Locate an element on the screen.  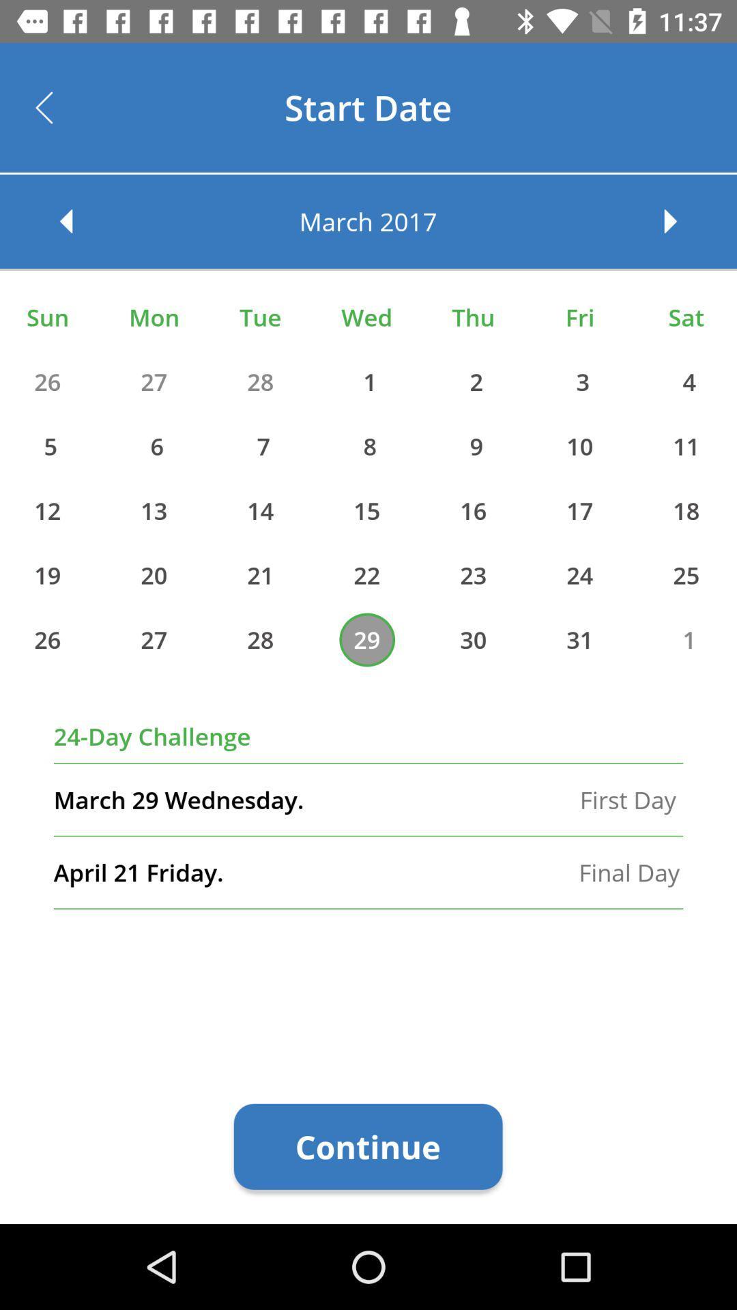
icon to the right of march 2017 is located at coordinates (684, 221).